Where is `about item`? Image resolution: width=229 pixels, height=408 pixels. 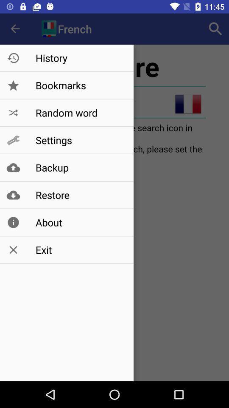
about item is located at coordinates (80, 222).